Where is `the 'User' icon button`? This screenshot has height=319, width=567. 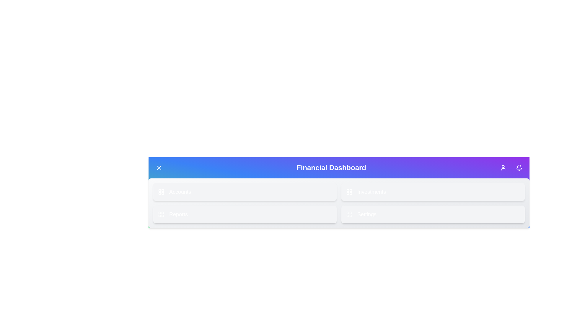 the 'User' icon button is located at coordinates (503, 167).